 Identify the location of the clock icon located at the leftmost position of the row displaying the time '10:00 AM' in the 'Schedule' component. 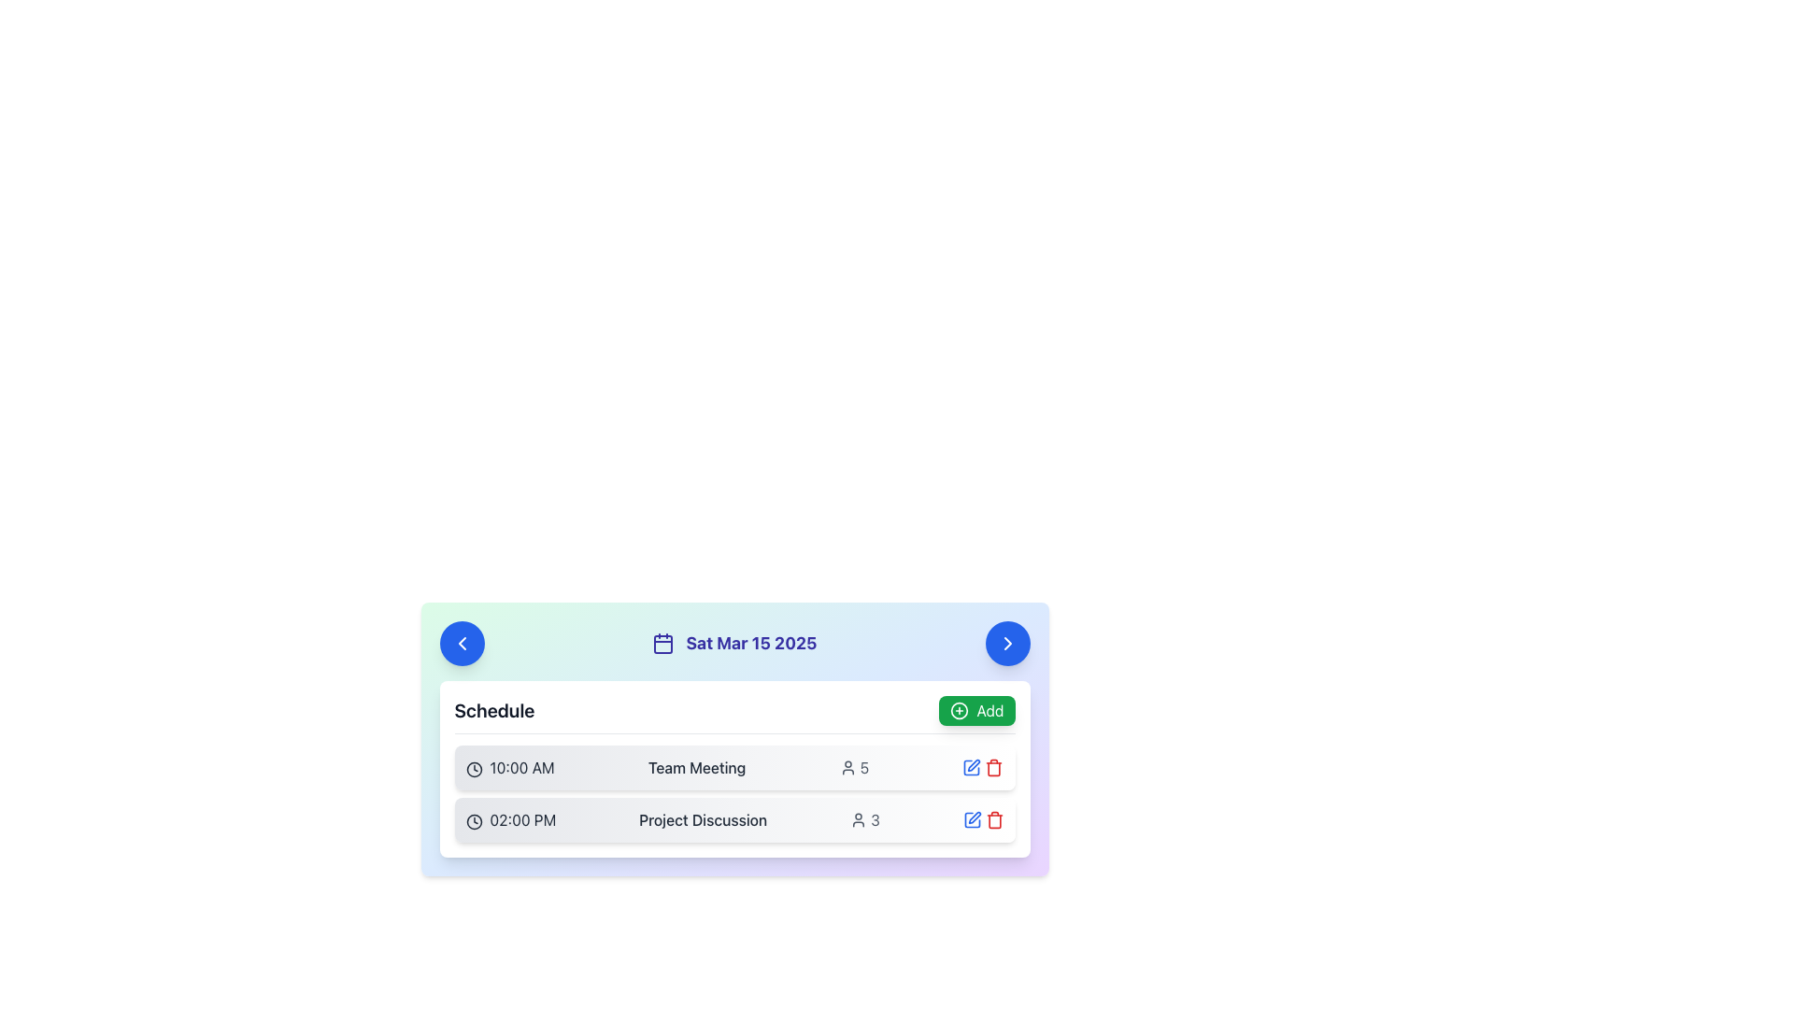
(474, 769).